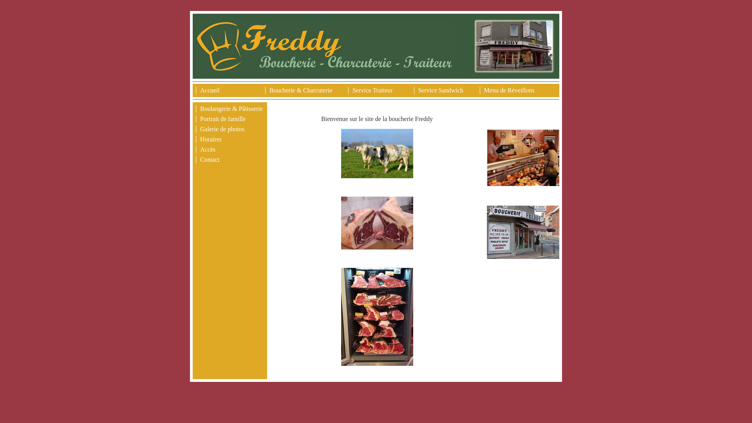 This screenshot has width=752, height=423. Describe the element at coordinates (222, 128) in the screenshot. I see `'Galerie de photos'` at that location.